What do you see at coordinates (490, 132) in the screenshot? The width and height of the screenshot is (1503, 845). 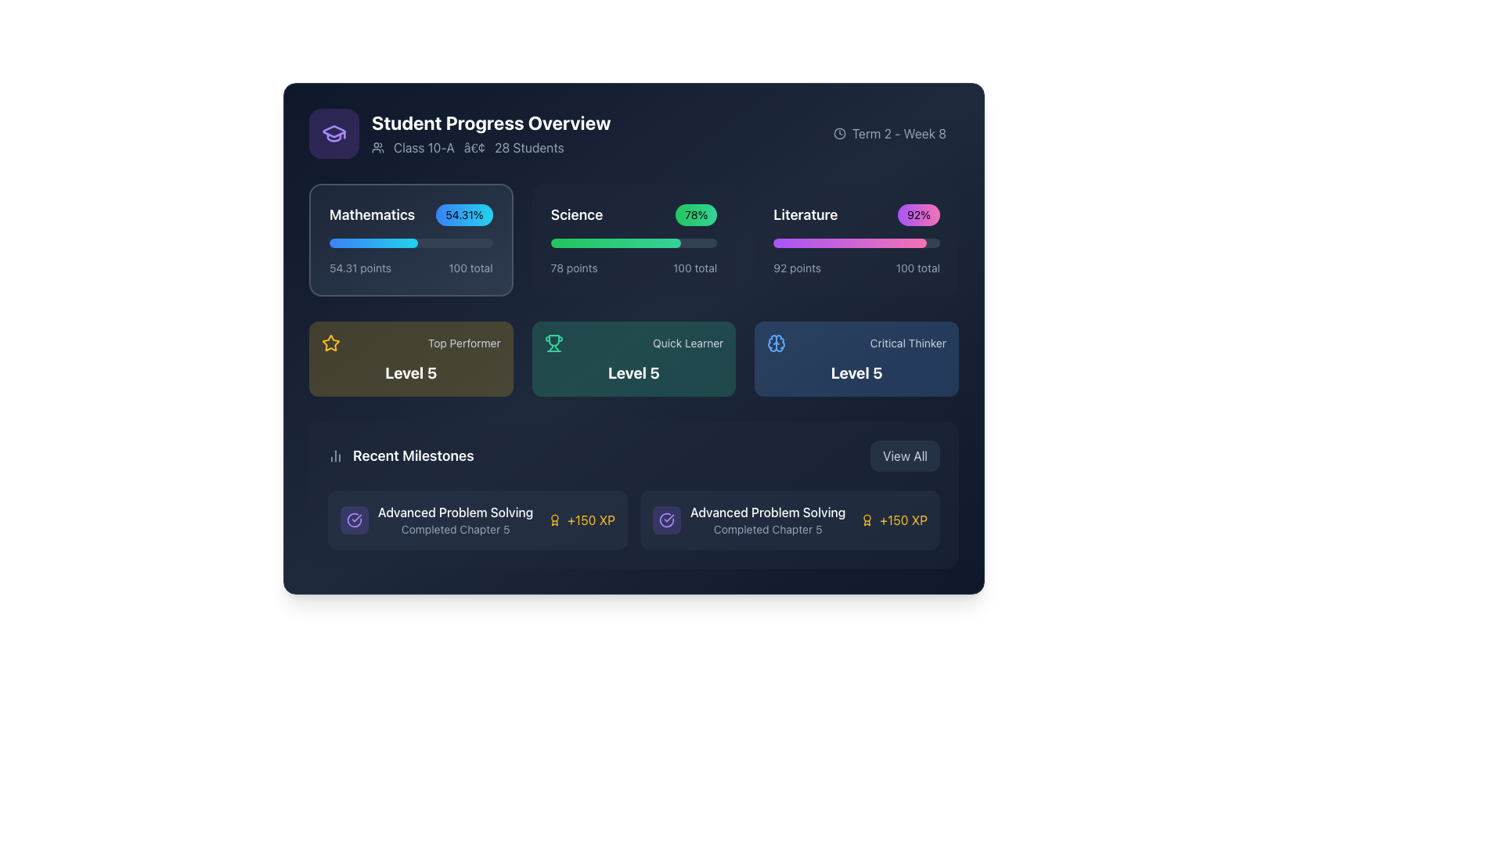 I see `textual information from the header titled 'Student Progress Overview', which includes details about 'Class 10-A' and '28 Students' on a navy blue background` at bounding box center [490, 132].